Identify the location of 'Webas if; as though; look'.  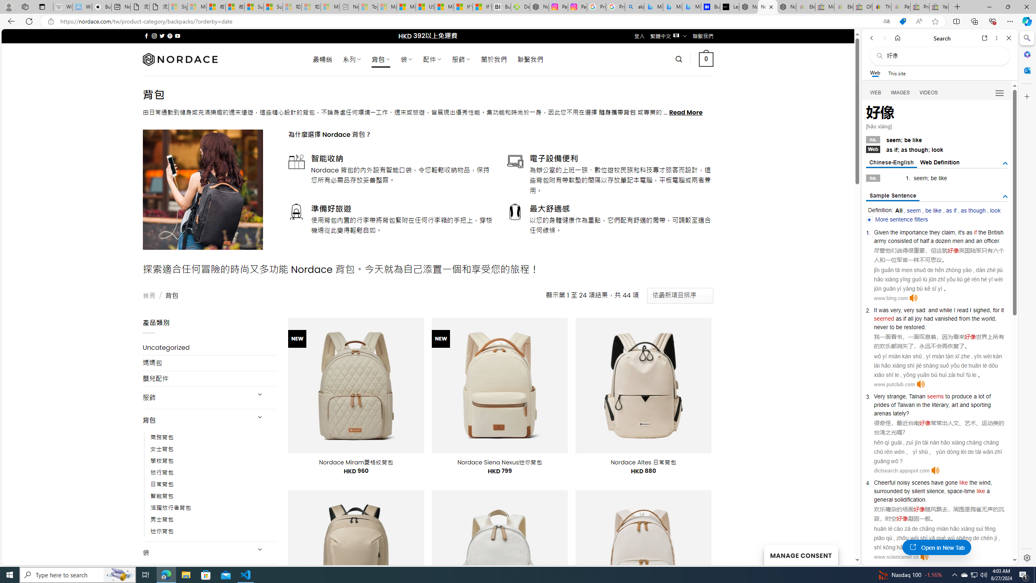
(937, 149).